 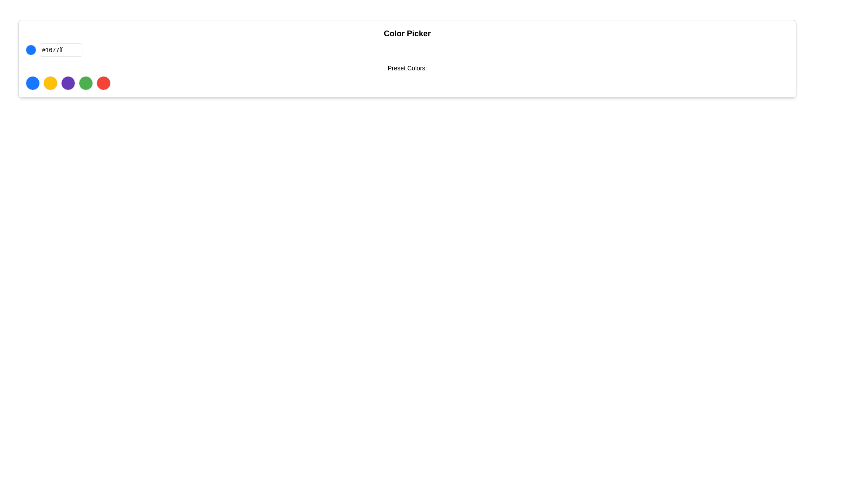 I want to click on the third circle button for selecting the predefined purple color in the color picker interface to highlight it, so click(x=67, y=83).